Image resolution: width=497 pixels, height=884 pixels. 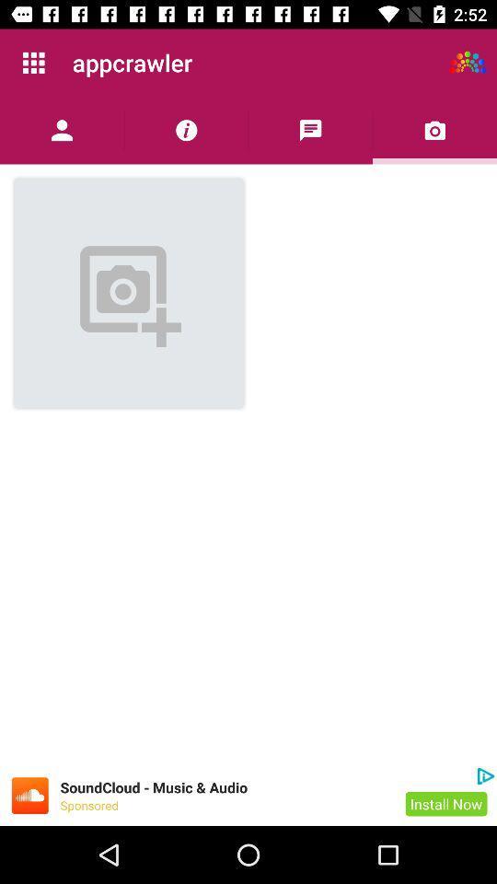 What do you see at coordinates (434, 129) in the screenshot?
I see `choose the image from gallery or take a new photo` at bounding box center [434, 129].